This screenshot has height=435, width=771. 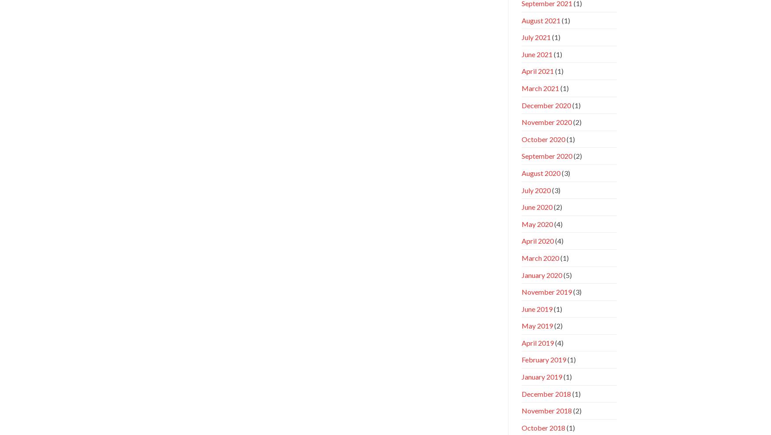 I want to click on 'November 2018', so click(x=546, y=410).